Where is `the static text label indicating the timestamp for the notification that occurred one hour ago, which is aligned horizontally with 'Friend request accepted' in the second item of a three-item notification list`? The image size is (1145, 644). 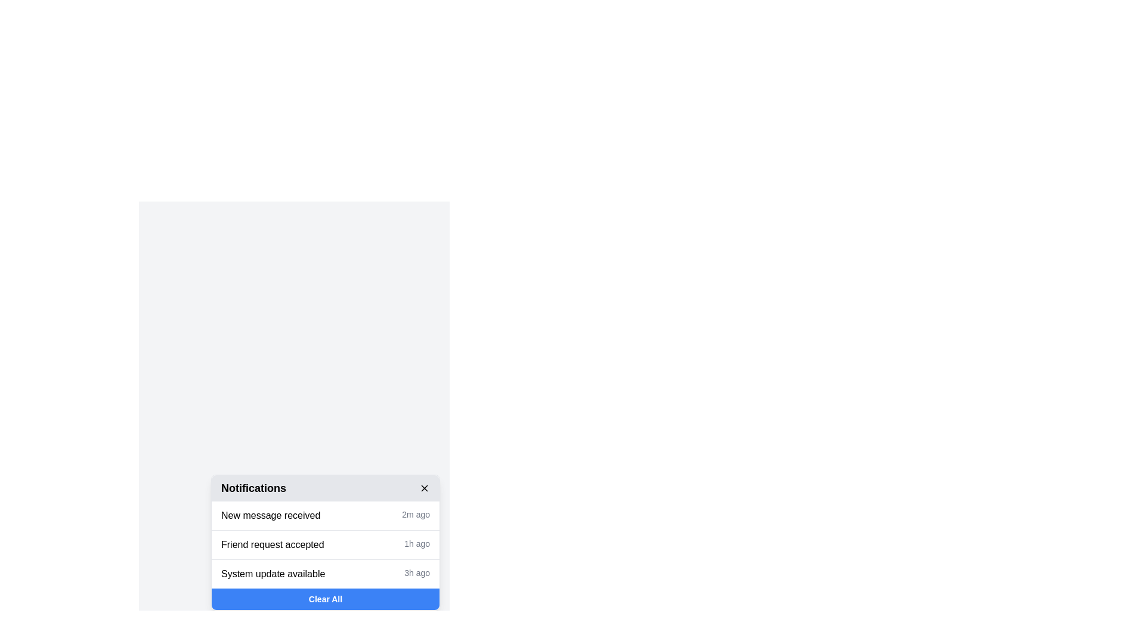
the static text label indicating the timestamp for the notification that occurred one hour ago, which is aligned horizontally with 'Friend request accepted' in the second item of a three-item notification list is located at coordinates (417, 545).